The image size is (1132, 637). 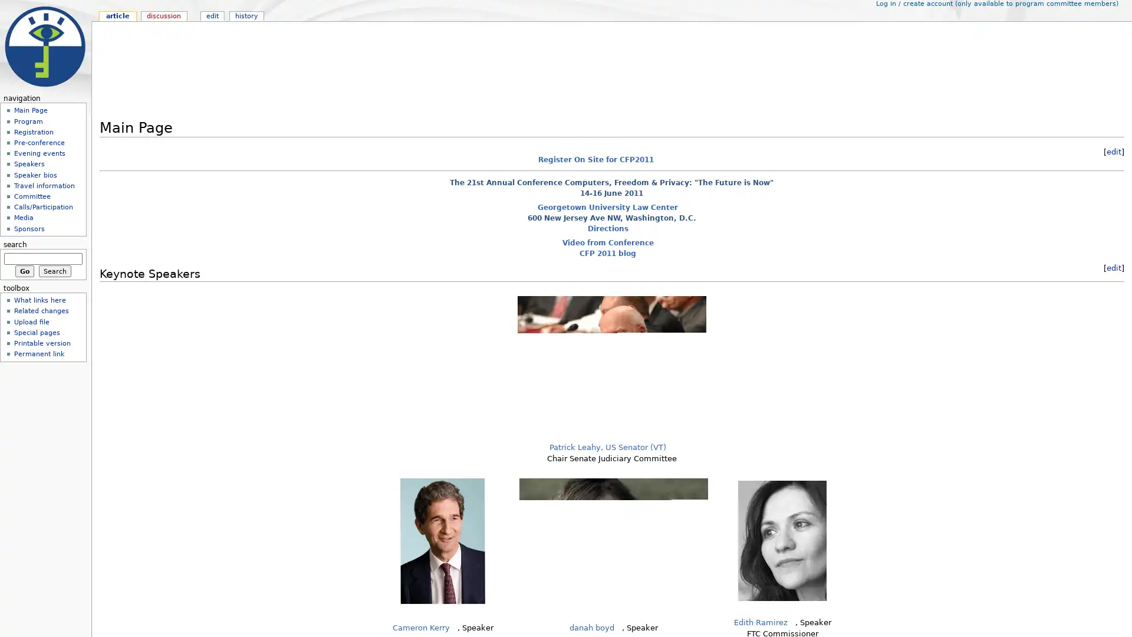 What do you see at coordinates (54, 271) in the screenshot?
I see `Search` at bounding box center [54, 271].